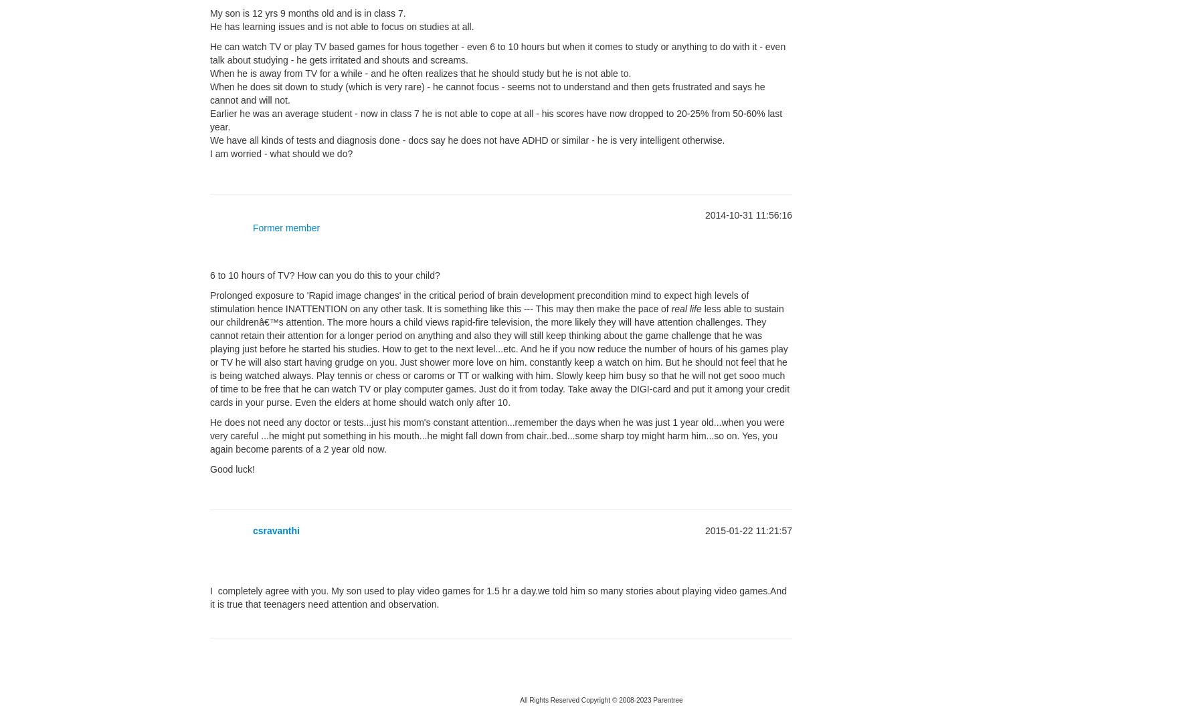  What do you see at coordinates (420, 72) in the screenshot?
I see `'When he is away from TV for a while - and he often realizes that he should study but he is not able to.'` at bounding box center [420, 72].